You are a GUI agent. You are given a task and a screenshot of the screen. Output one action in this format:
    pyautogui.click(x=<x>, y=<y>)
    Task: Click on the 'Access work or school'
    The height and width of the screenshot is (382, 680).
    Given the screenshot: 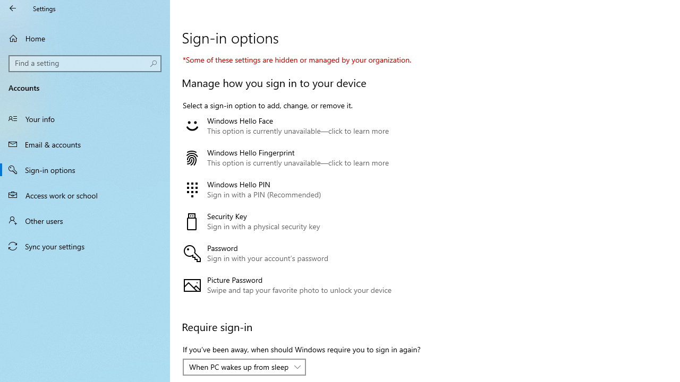 What is the action you would take?
    pyautogui.click(x=85, y=195)
    